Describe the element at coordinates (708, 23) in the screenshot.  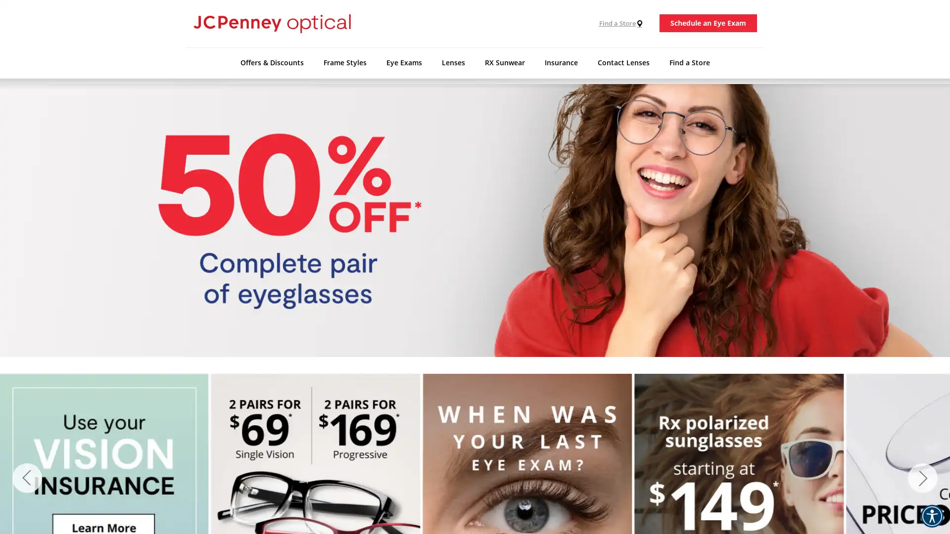
I see `Schedule an Eye Exam` at that location.